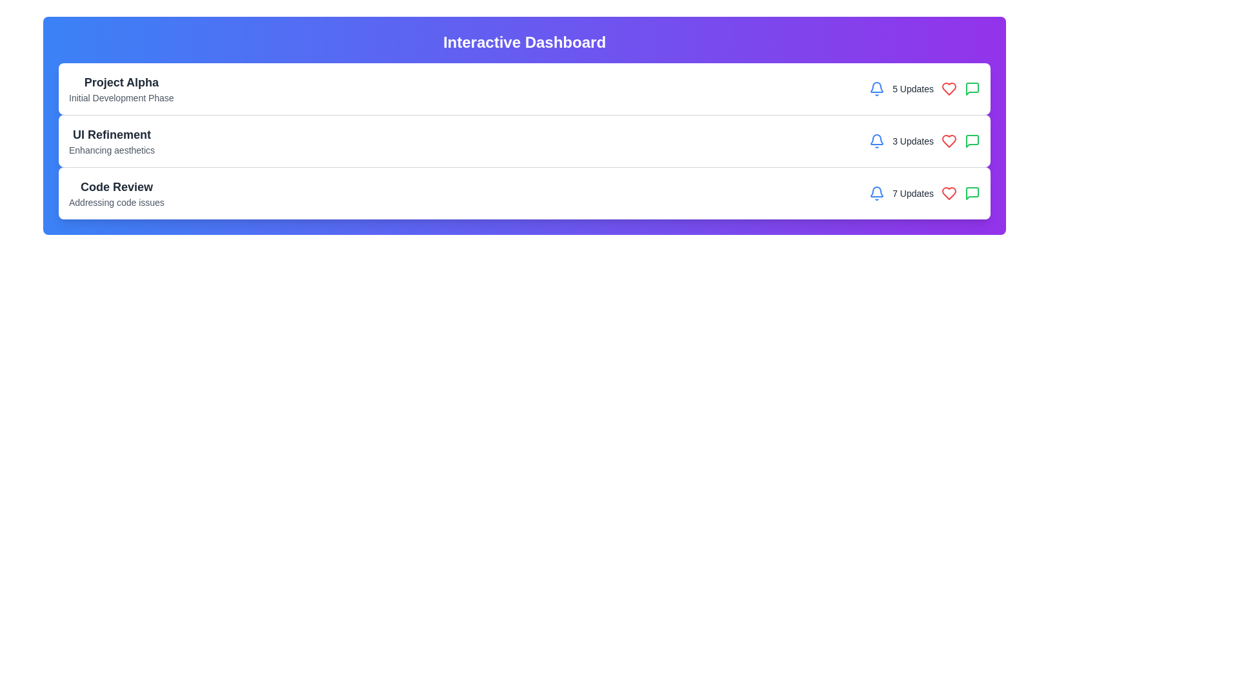 The width and height of the screenshot is (1239, 697). What do you see at coordinates (972, 194) in the screenshot?
I see `the green chat bubble-shaped icon located to the right of the '7 Updates' text and following the red heart icon to interact with it` at bounding box center [972, 194].